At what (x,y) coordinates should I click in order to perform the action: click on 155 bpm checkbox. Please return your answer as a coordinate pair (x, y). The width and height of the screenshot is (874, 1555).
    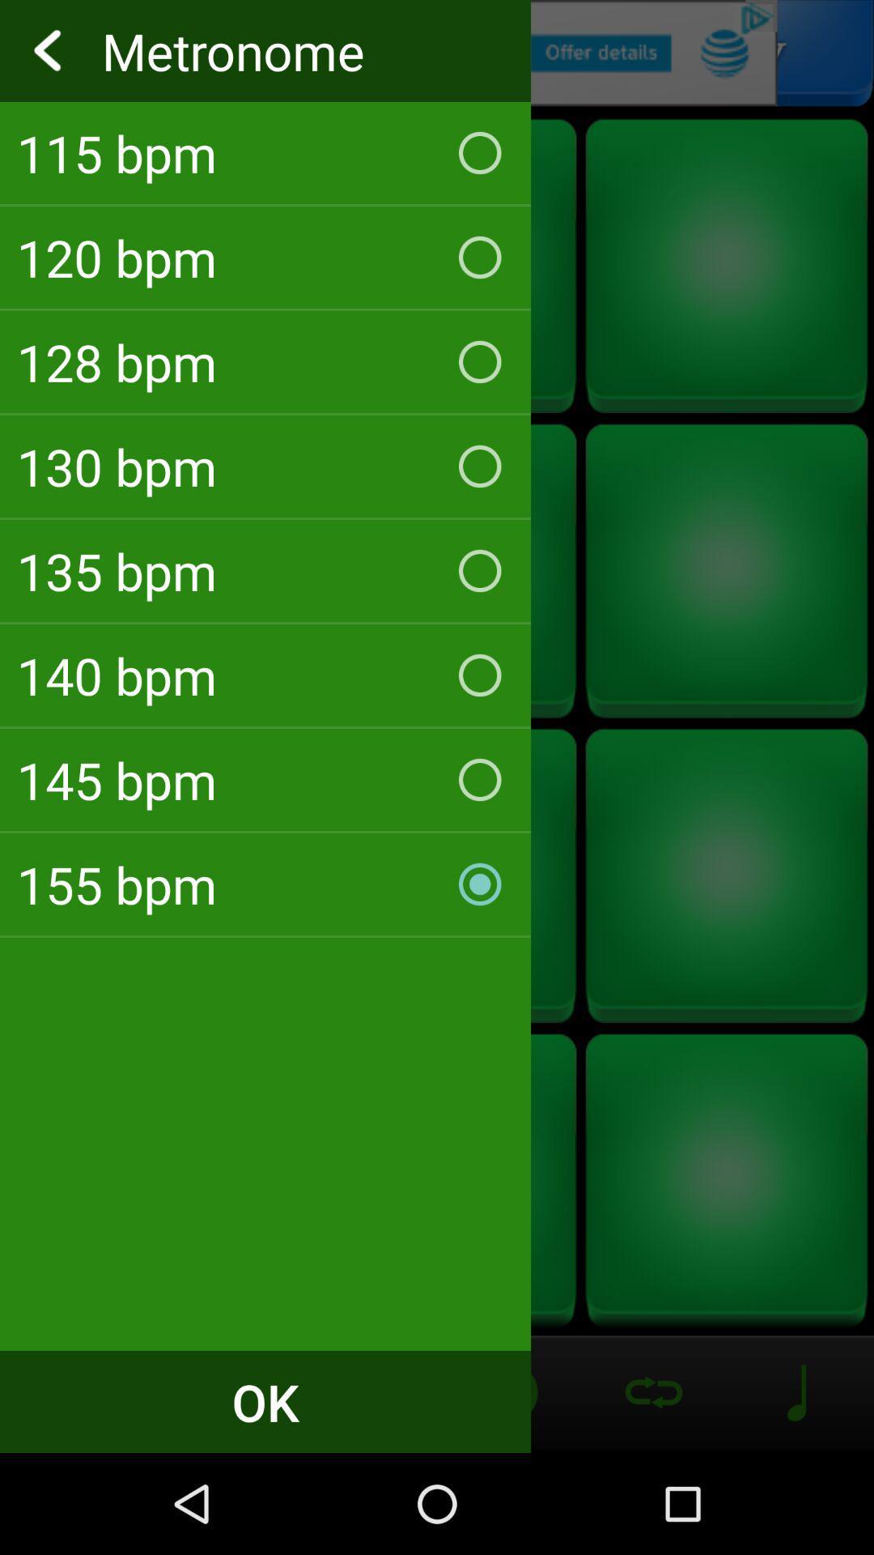
    Looking at the image, I should click on (265, 883).